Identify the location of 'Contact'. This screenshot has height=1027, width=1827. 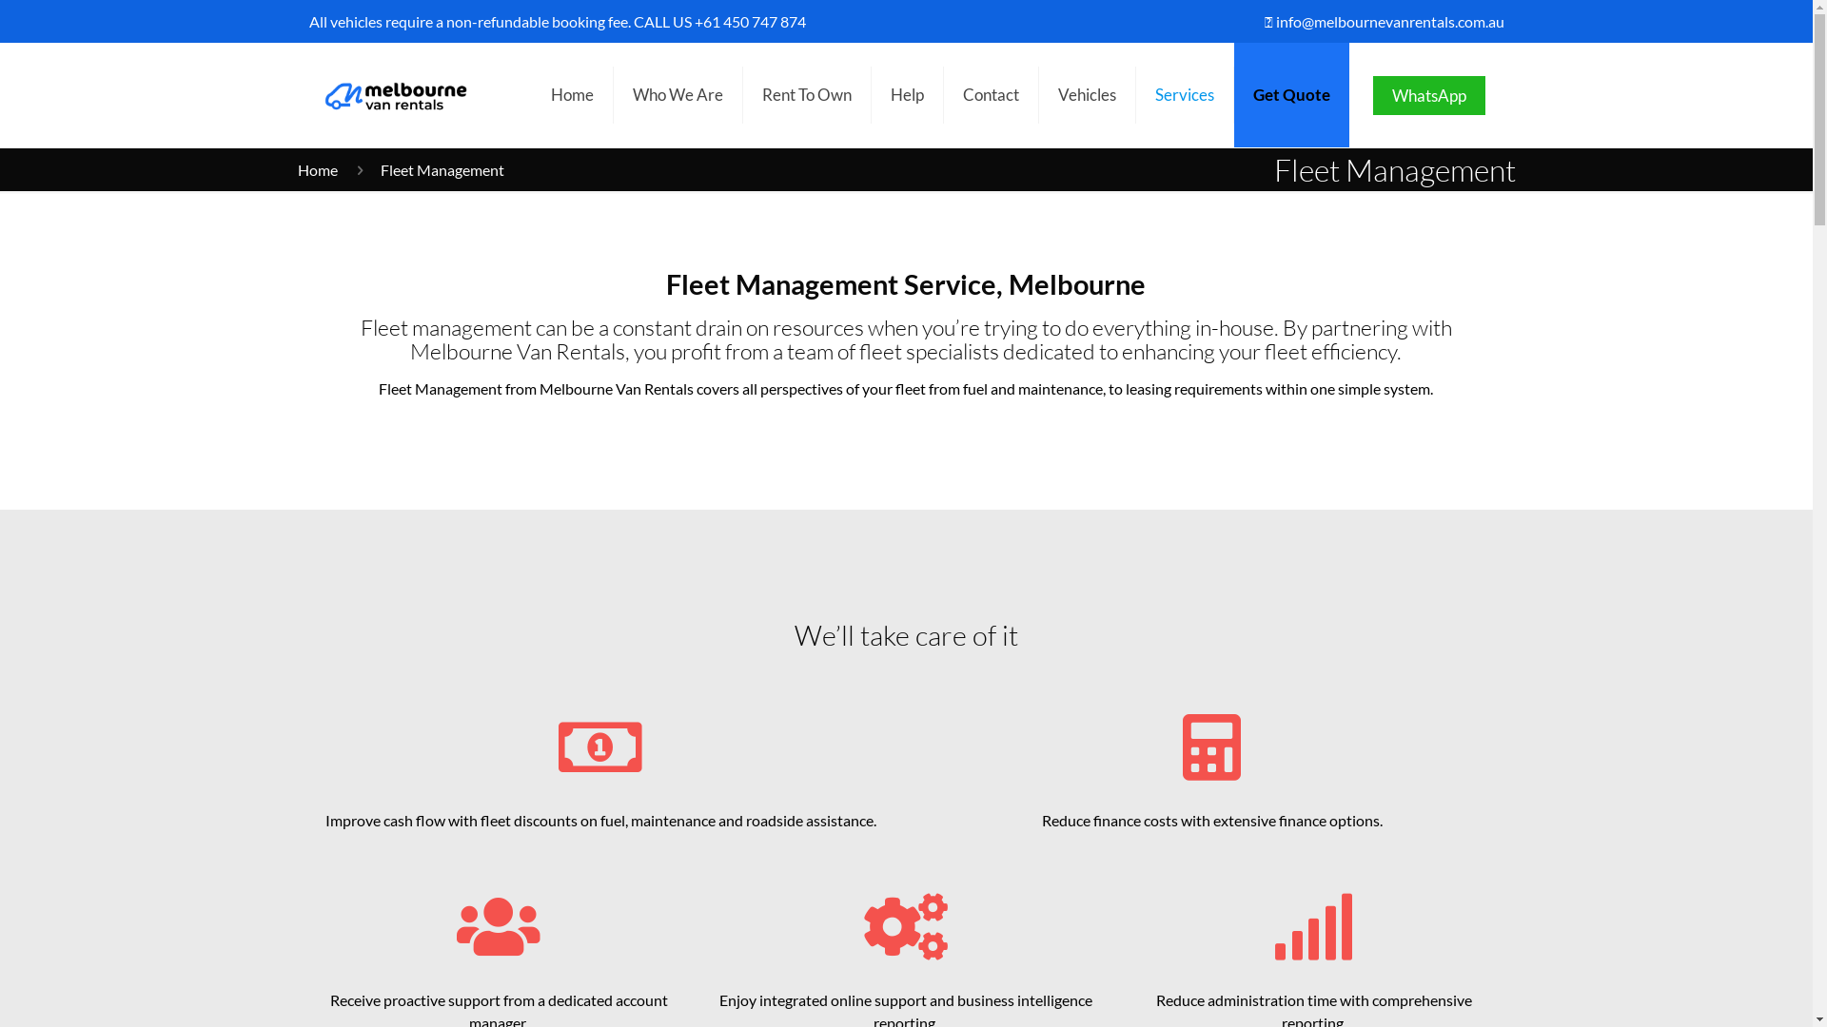
(990, 95).